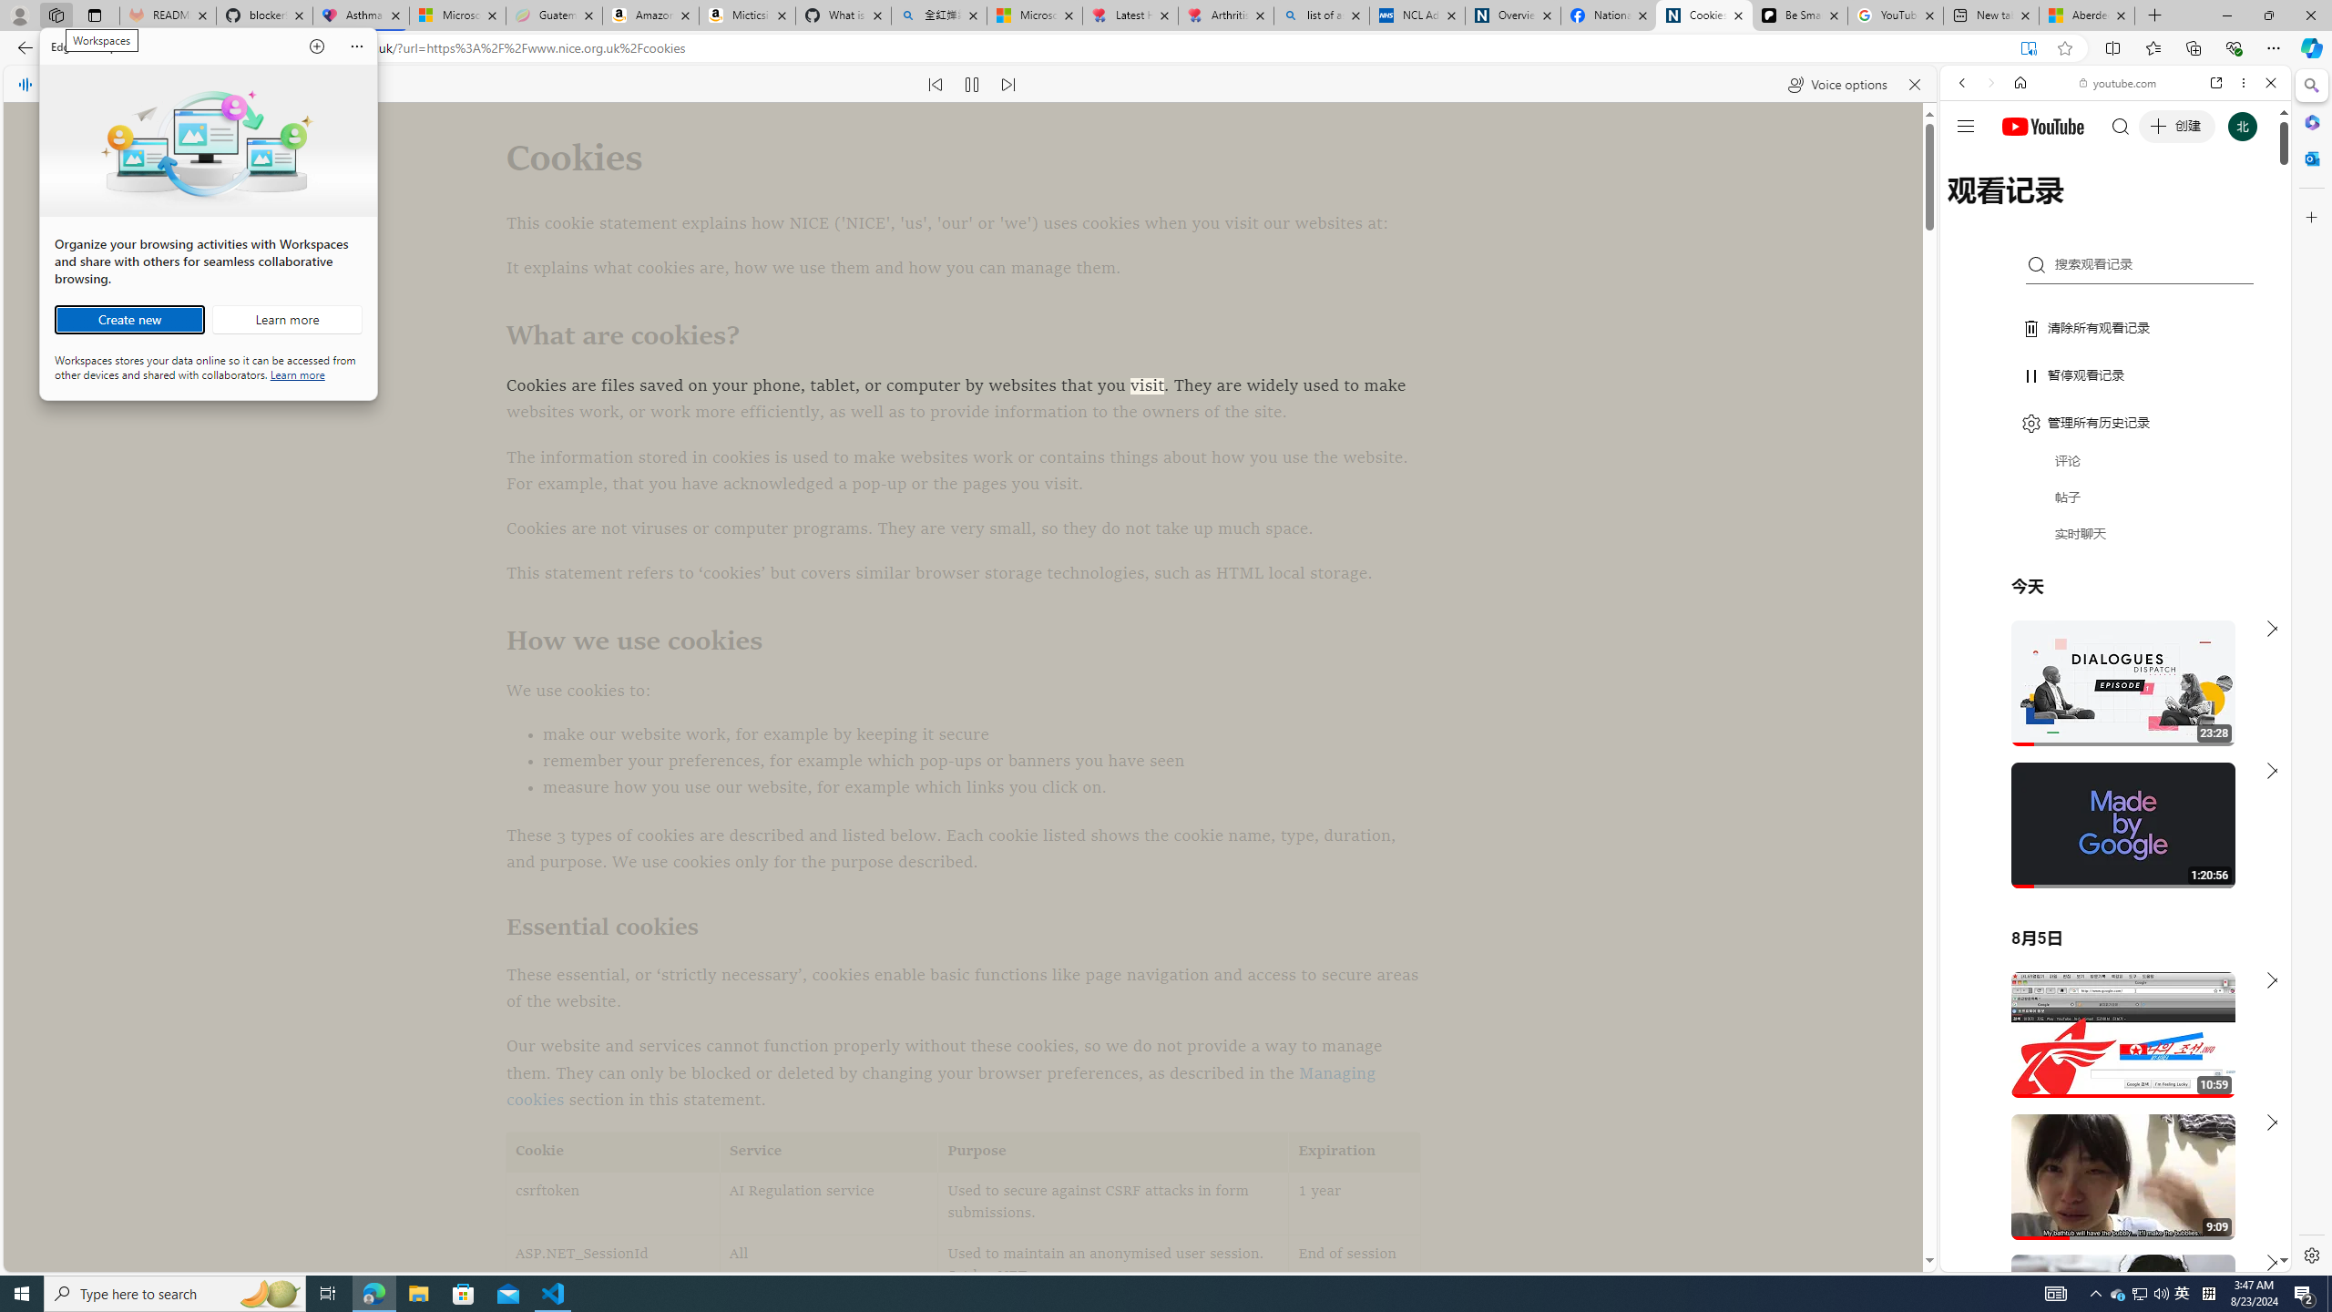 Image resolution: width=2332 pixels, height=1312 pixels. Describe the element at coordinates (2117, 83) in the screenshot. I see `'youtube.com'` at that location.